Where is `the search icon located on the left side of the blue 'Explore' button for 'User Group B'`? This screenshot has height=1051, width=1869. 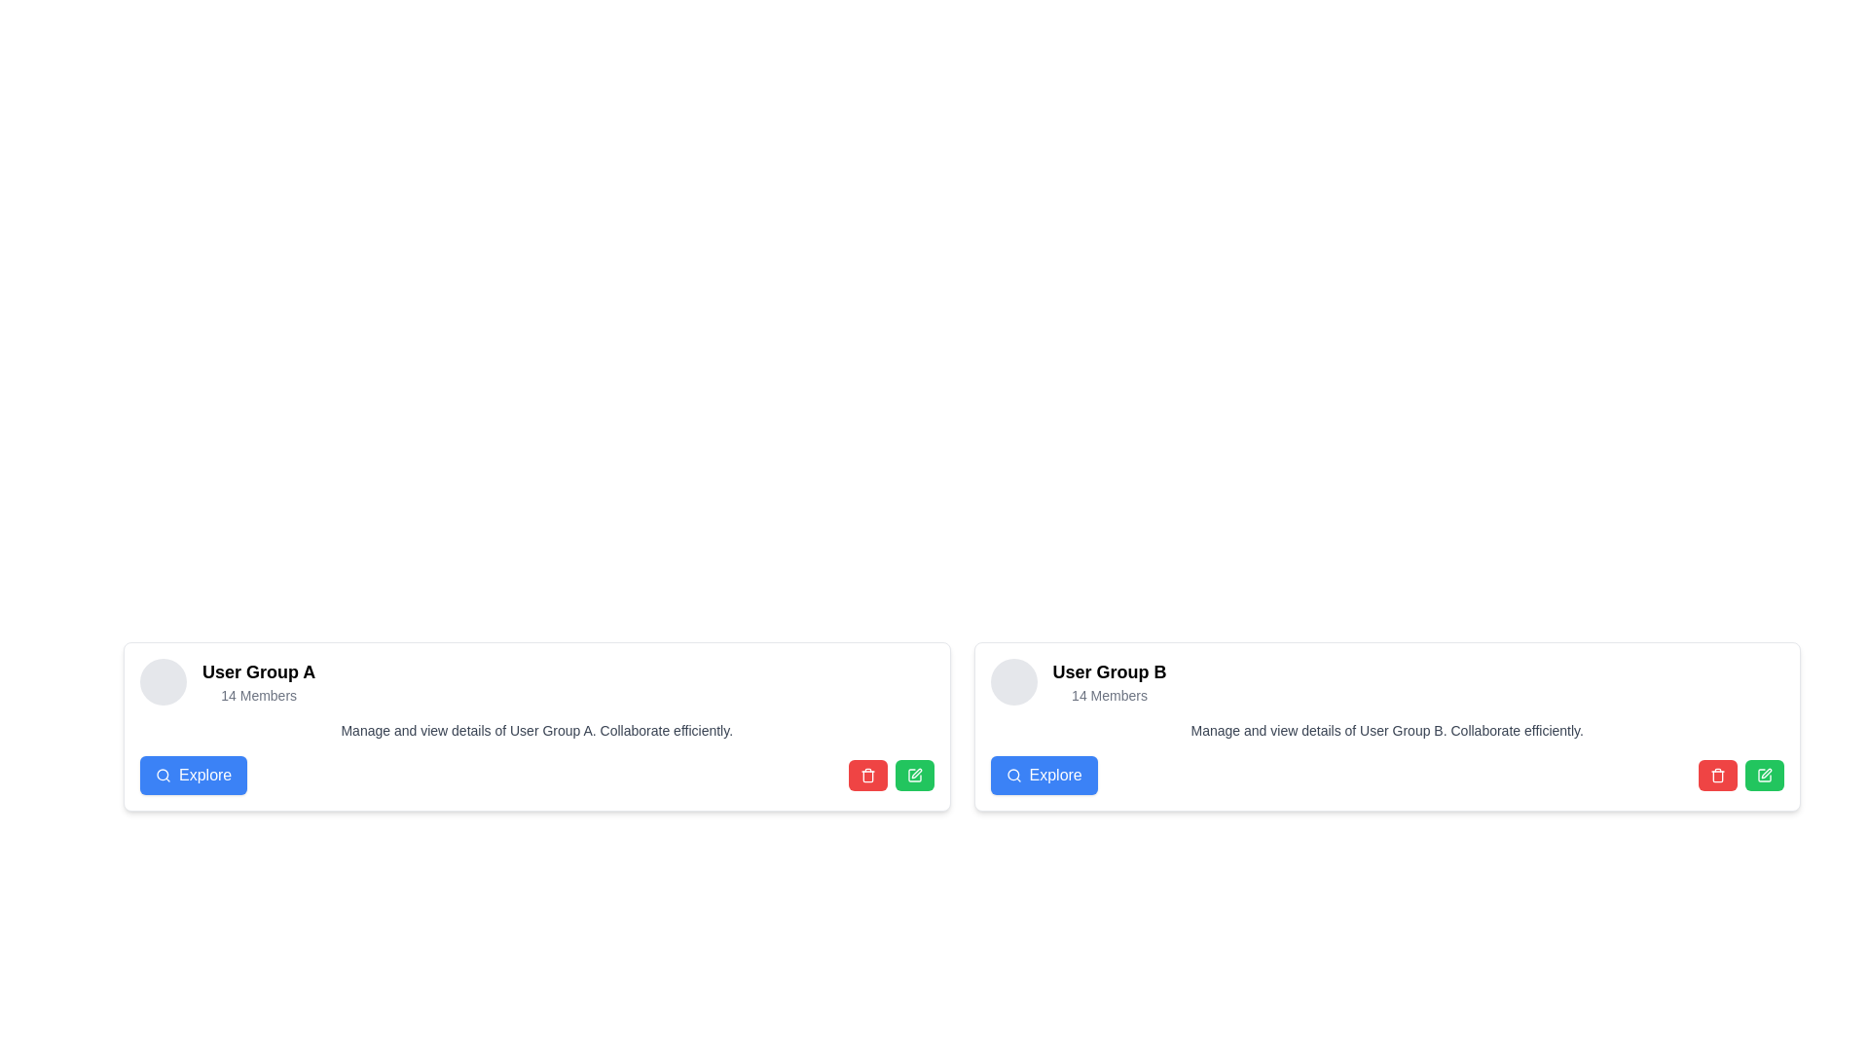 the search icon located on the left side of the blue 'Explore' button for 'User Group B' is located at coordinates (1012, 775).